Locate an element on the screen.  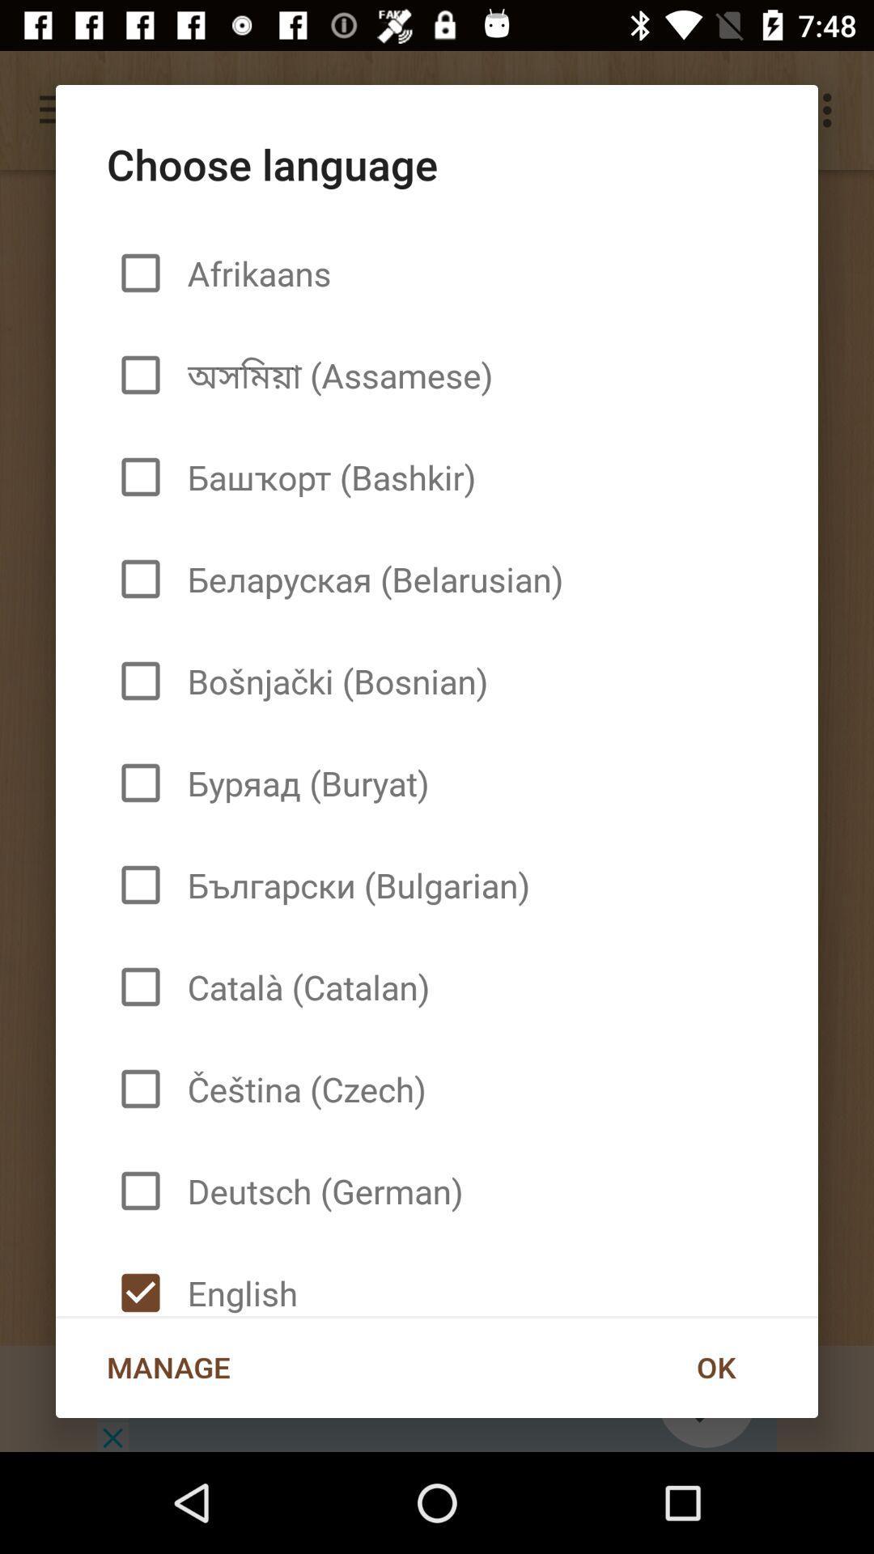
the afrikaans item is located at coordinates (252, 273).